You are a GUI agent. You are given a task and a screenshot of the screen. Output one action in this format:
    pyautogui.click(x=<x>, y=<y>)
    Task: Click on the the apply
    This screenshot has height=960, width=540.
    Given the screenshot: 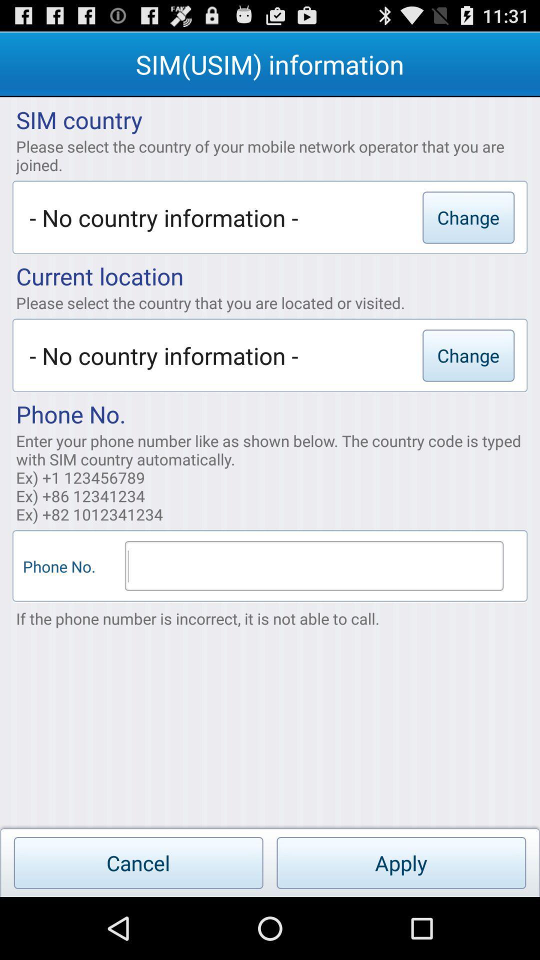 What is the action you would take?
    pyautogui.click(x=400, y=862)
    